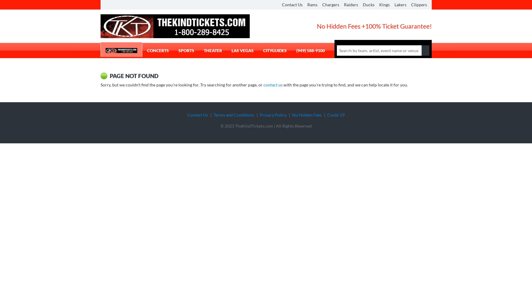 The height and width of the screenshot is (298, 532). I want to click on 'Privacy Policy', so click(273, 114).